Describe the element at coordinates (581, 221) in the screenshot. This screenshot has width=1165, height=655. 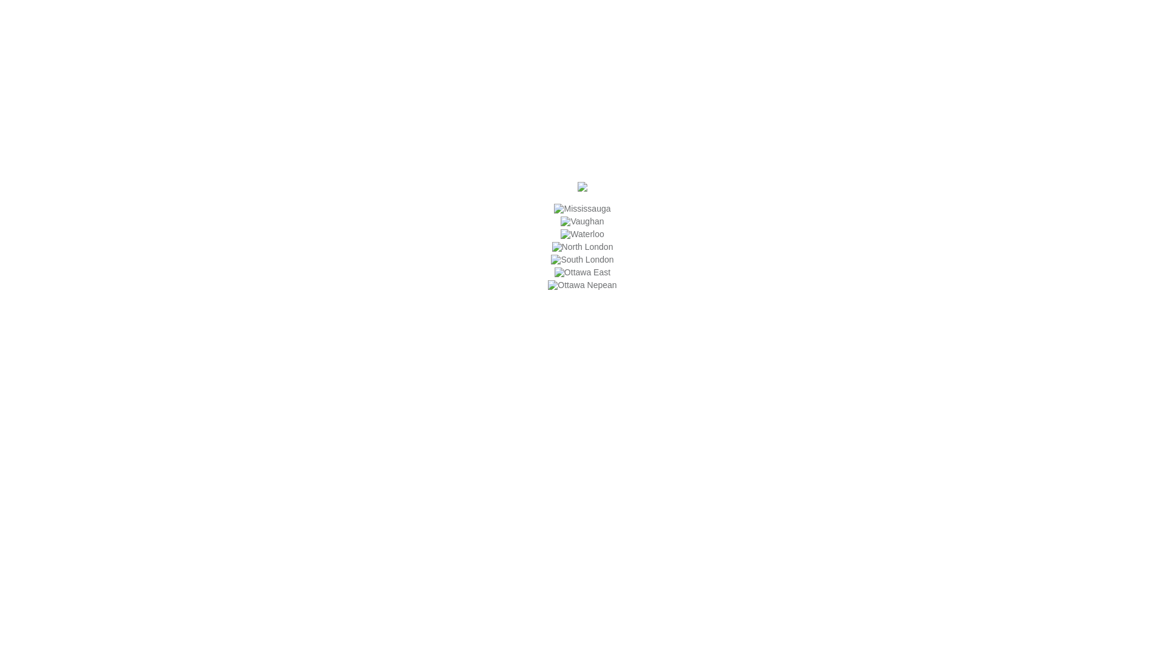
I see `'Vaughan'` at that location.